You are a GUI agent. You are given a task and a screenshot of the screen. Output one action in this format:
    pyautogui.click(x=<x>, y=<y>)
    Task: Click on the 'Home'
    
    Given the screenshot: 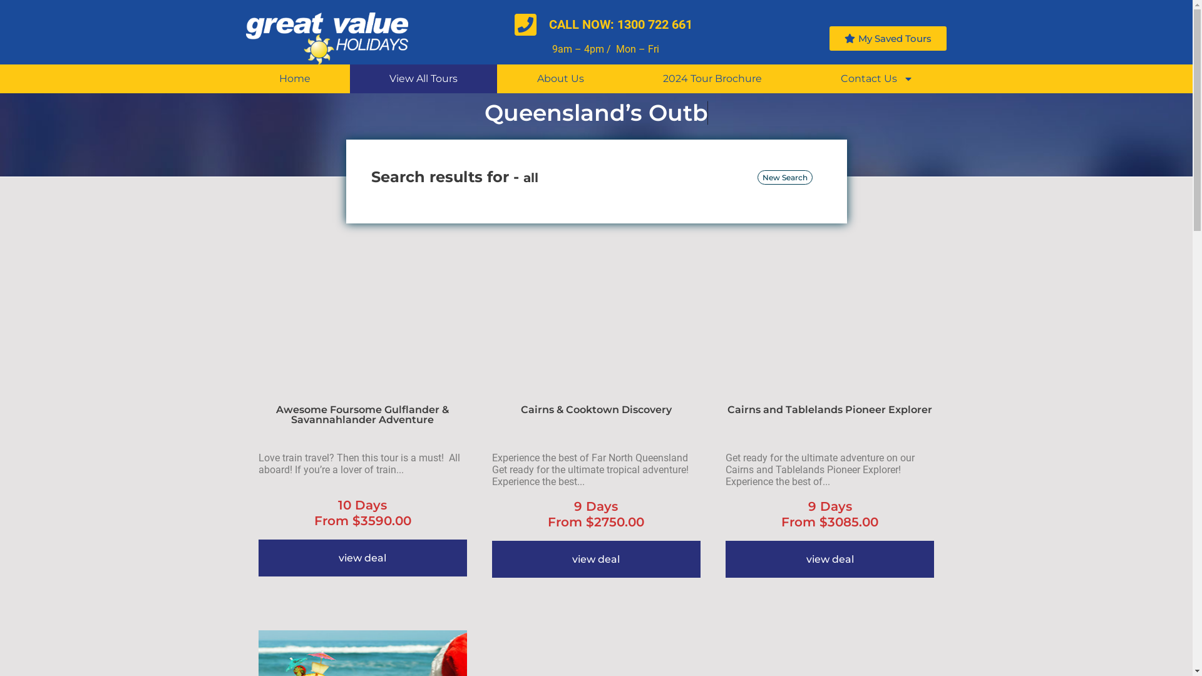 What is the action you would take?
    pyautogui.click(x=294, y=79)
    